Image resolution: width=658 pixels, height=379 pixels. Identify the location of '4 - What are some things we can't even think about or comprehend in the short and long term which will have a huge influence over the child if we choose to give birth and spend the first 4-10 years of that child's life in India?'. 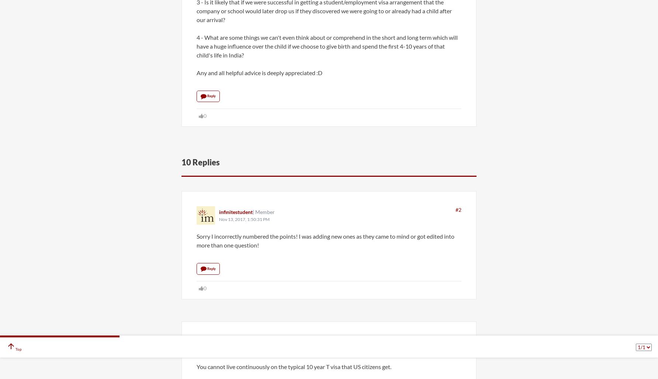
(197, 45).